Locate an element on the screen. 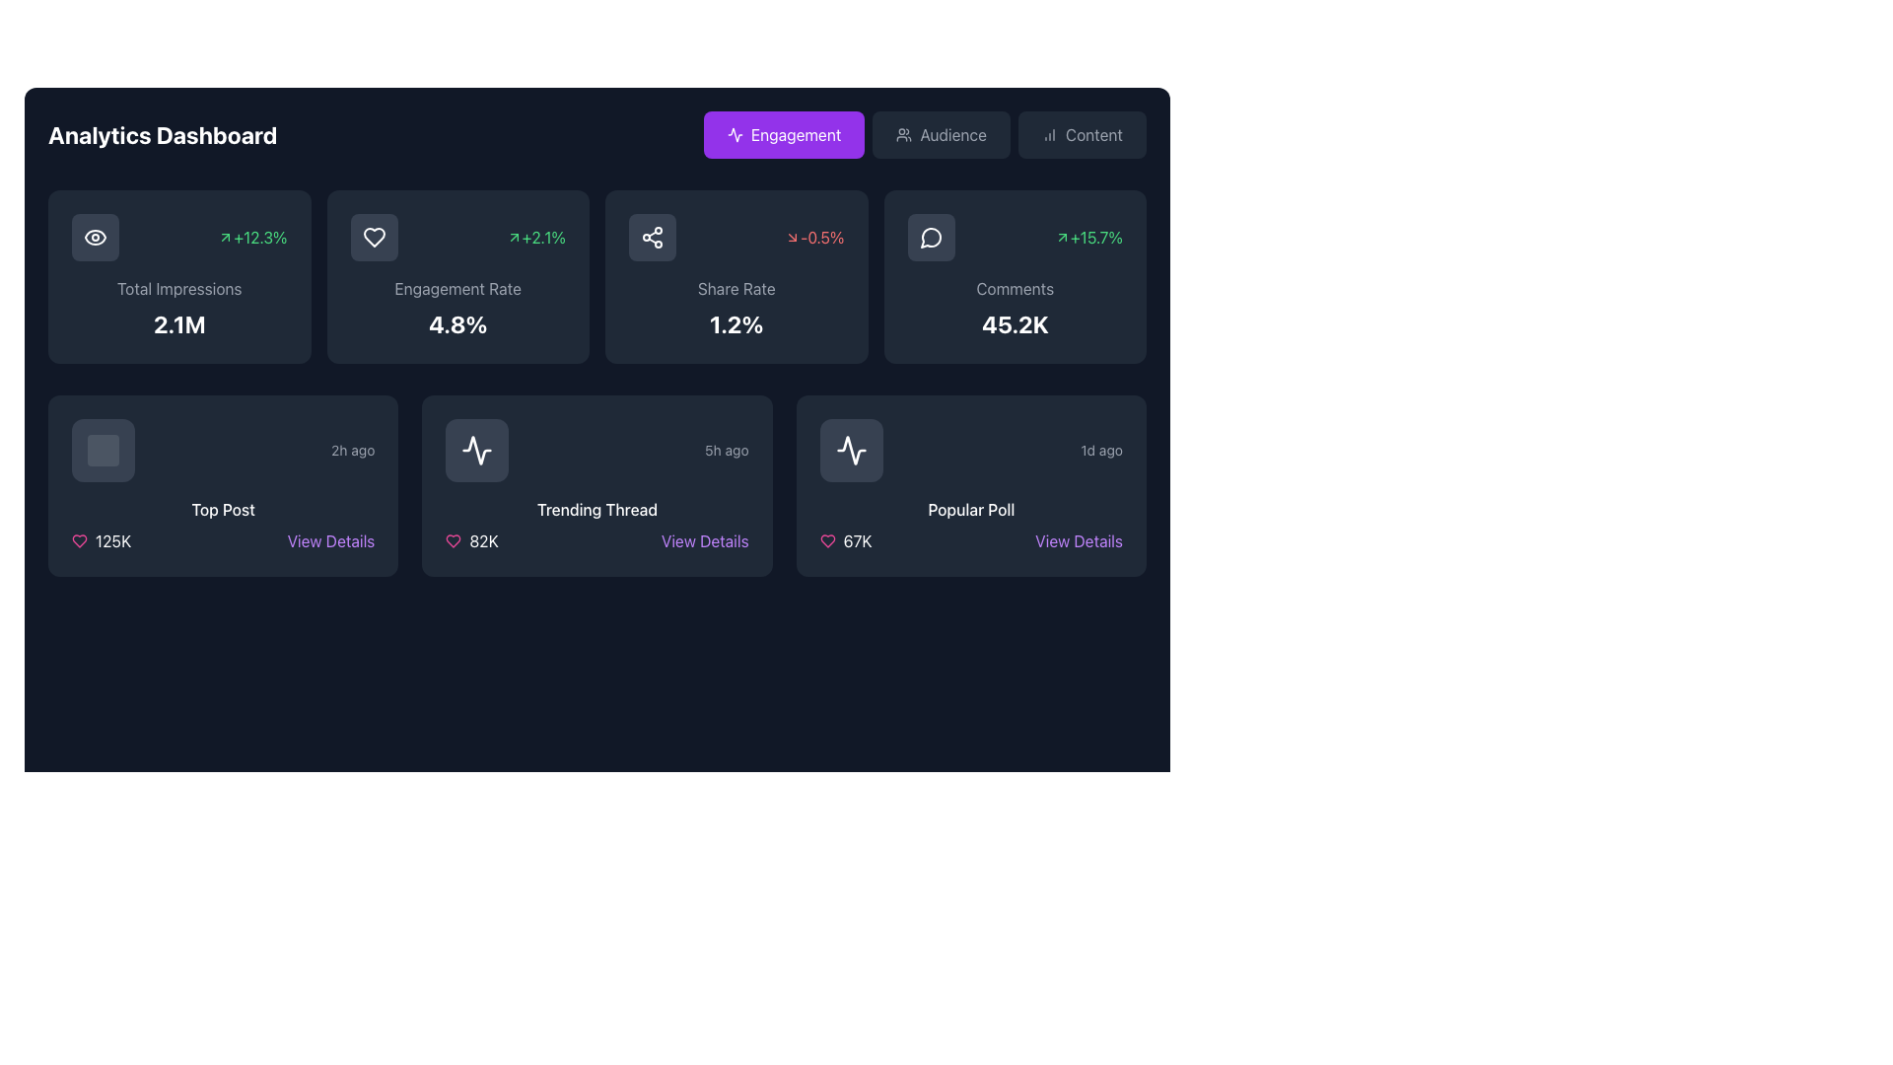 This screenshot has height=1065, width=1893. displayed number '67K' from the text label that shows the count of likes or votes in the 'Popular Poll' card located in the bottom-right of the interface is located at coordinates (858, 540).